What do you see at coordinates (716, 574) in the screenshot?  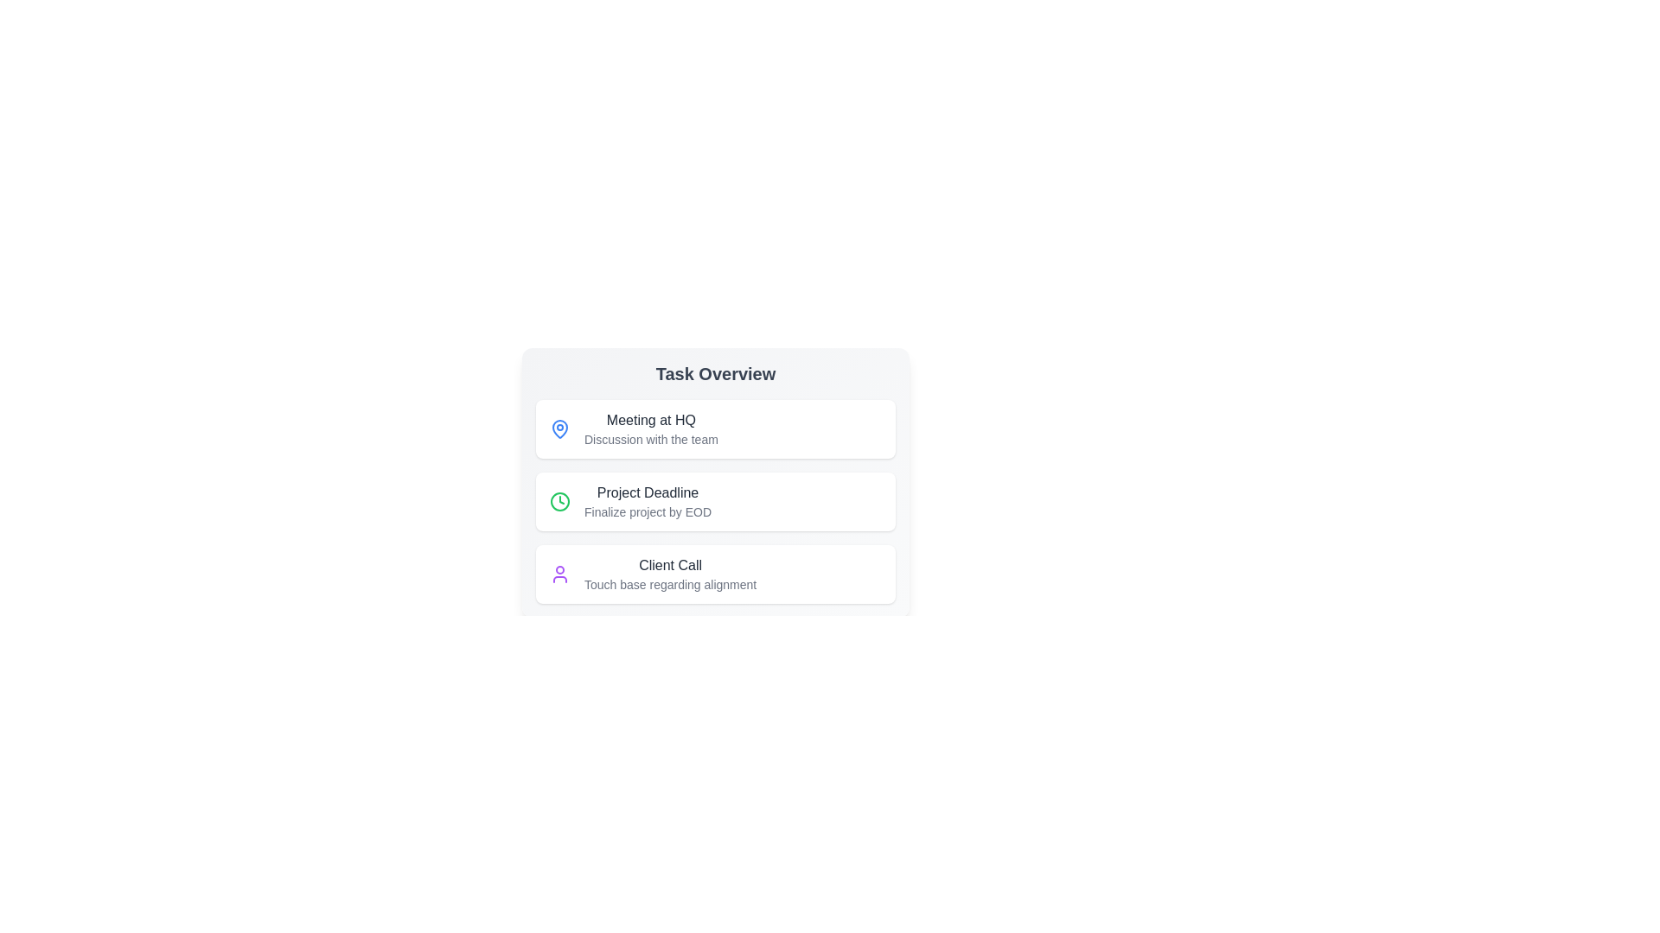 I see `the list item corresponding to Client Call` at bounding box center [716, 574].